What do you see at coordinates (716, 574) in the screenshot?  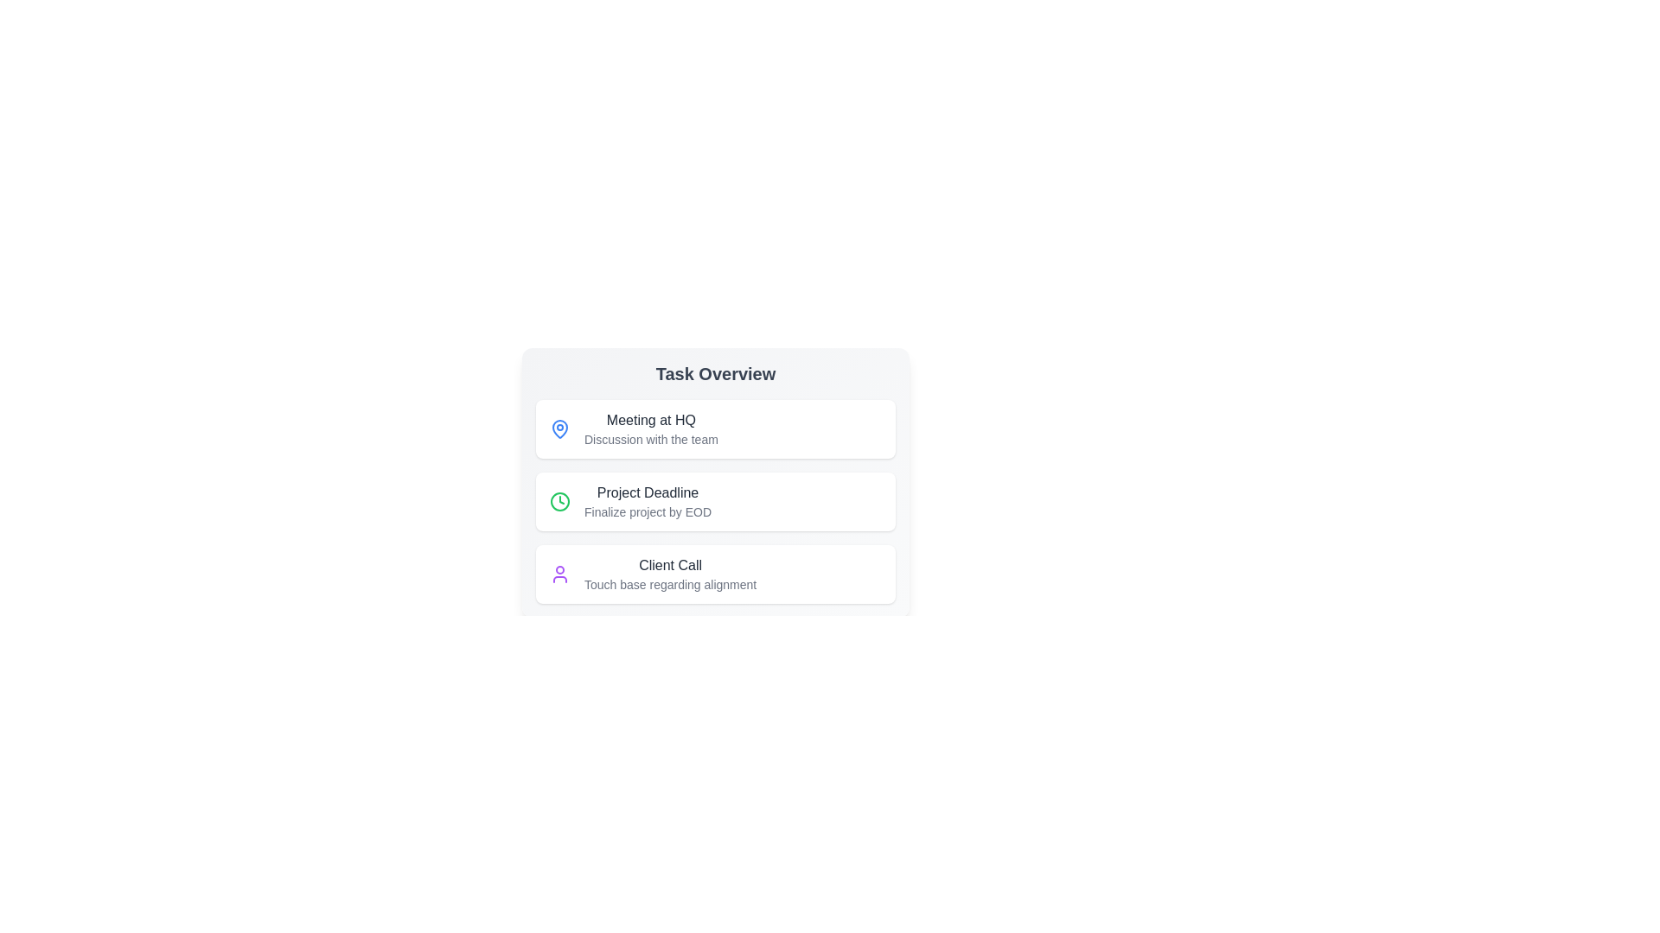 I see `the list item corresponding to Client Call` at bounding box center [716, 574].